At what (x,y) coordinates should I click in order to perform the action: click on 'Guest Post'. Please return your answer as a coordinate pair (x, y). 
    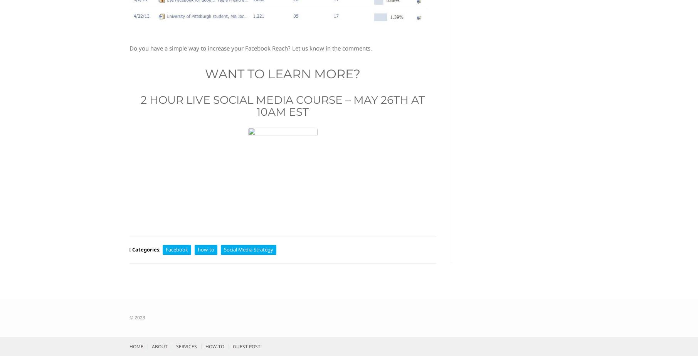
    Looking at the image, I should click on (246, 346).